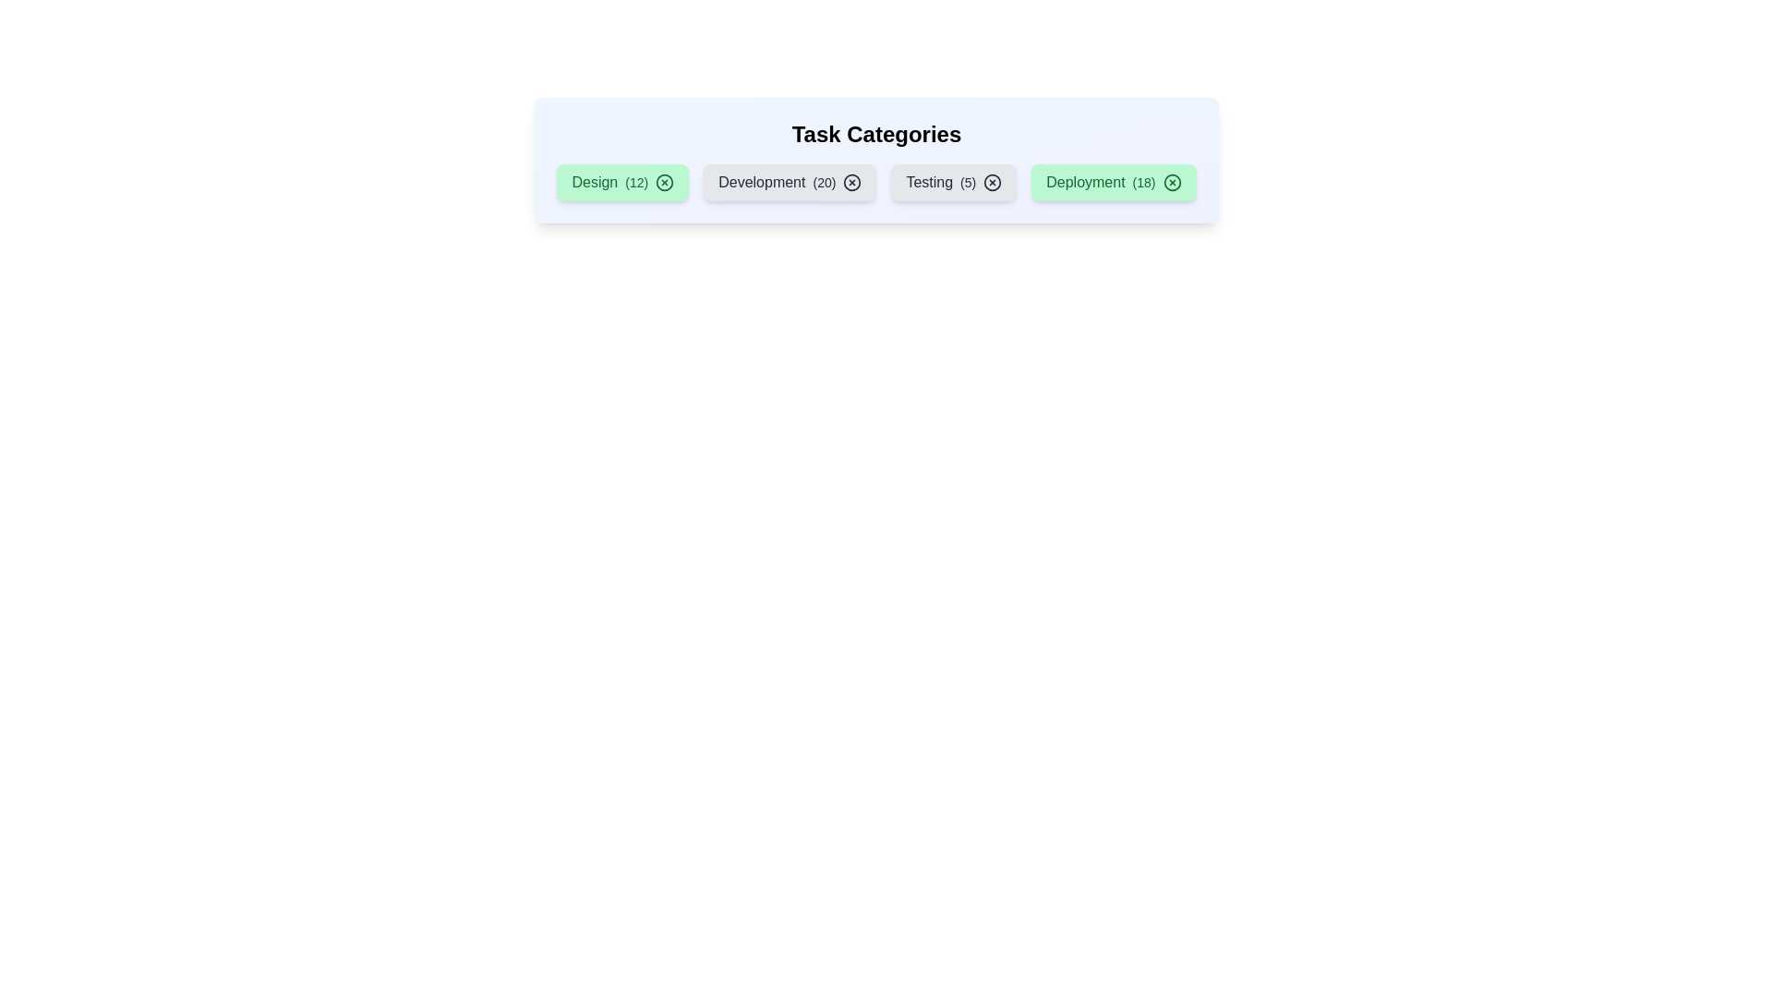  I want to click on 'X' icon on the chip labeled 'Deployment' to remove it, so click(1171, 182).